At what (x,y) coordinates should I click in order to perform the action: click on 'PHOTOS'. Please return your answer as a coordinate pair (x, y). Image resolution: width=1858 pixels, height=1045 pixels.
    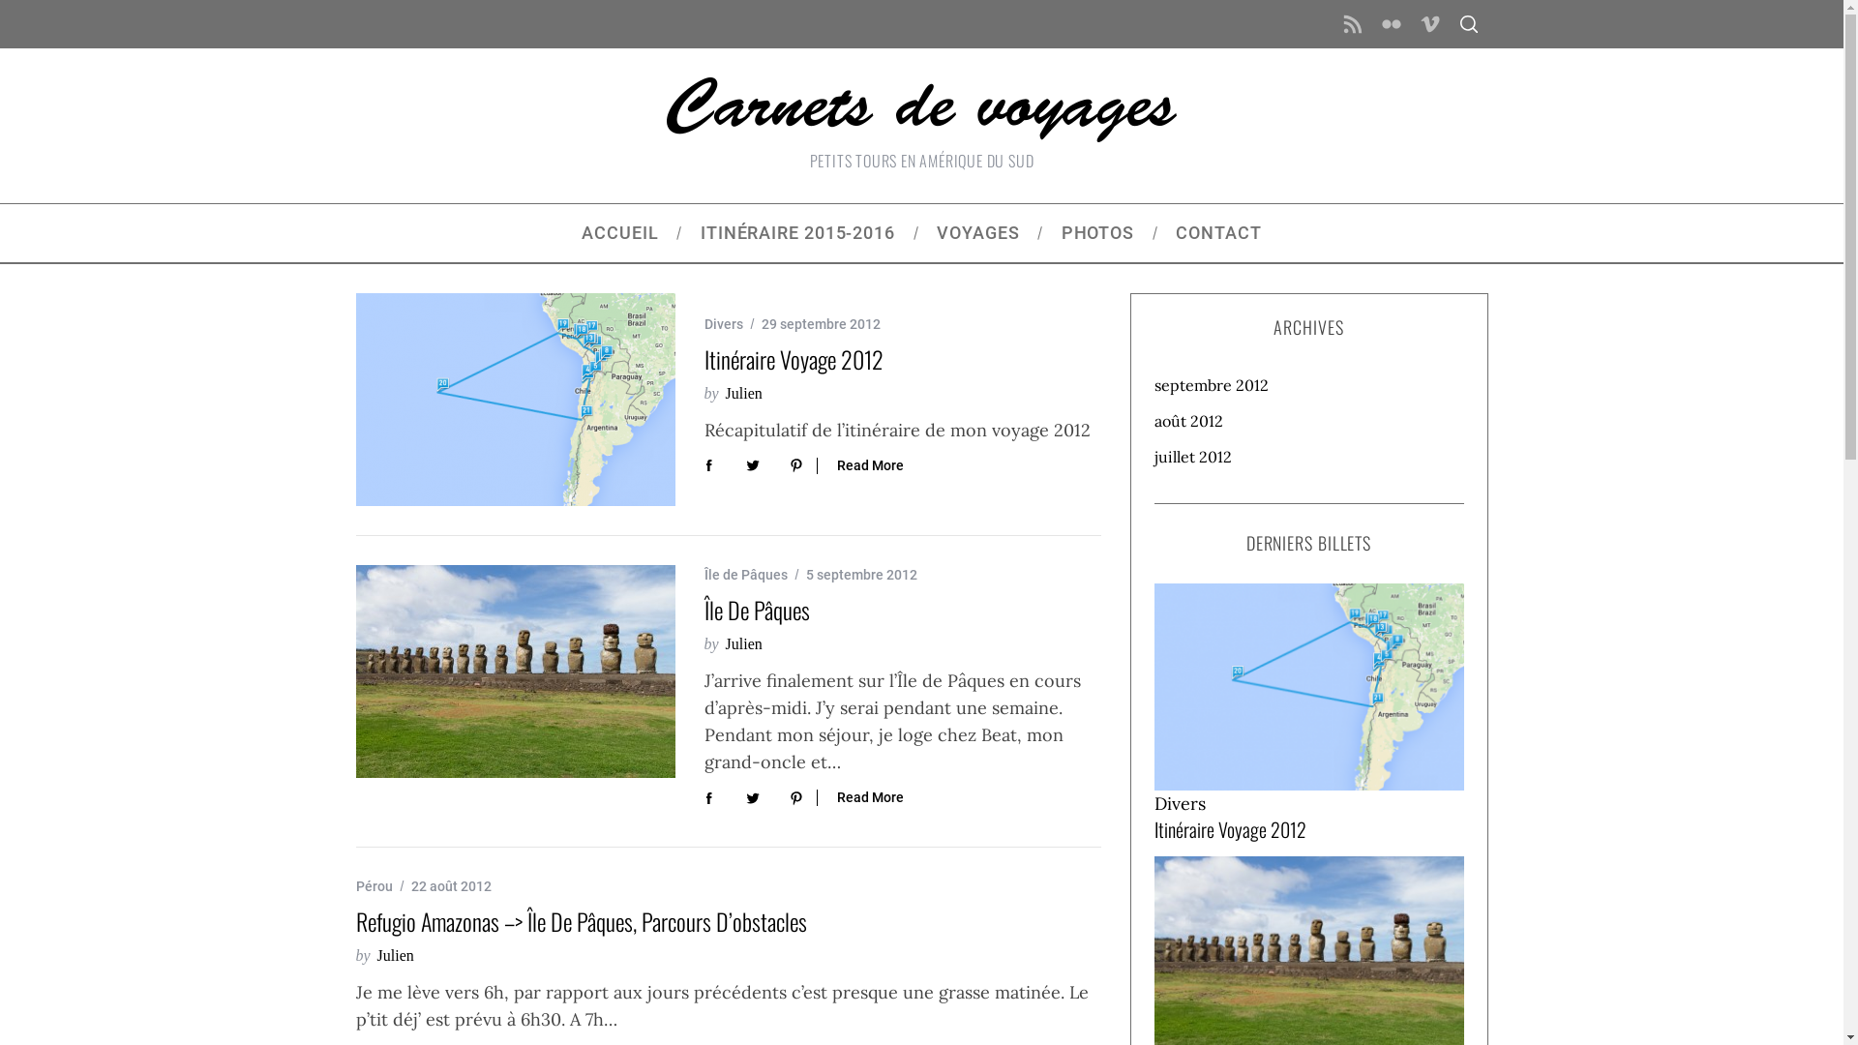
    Looking at the image, I should click on (1097, 231).